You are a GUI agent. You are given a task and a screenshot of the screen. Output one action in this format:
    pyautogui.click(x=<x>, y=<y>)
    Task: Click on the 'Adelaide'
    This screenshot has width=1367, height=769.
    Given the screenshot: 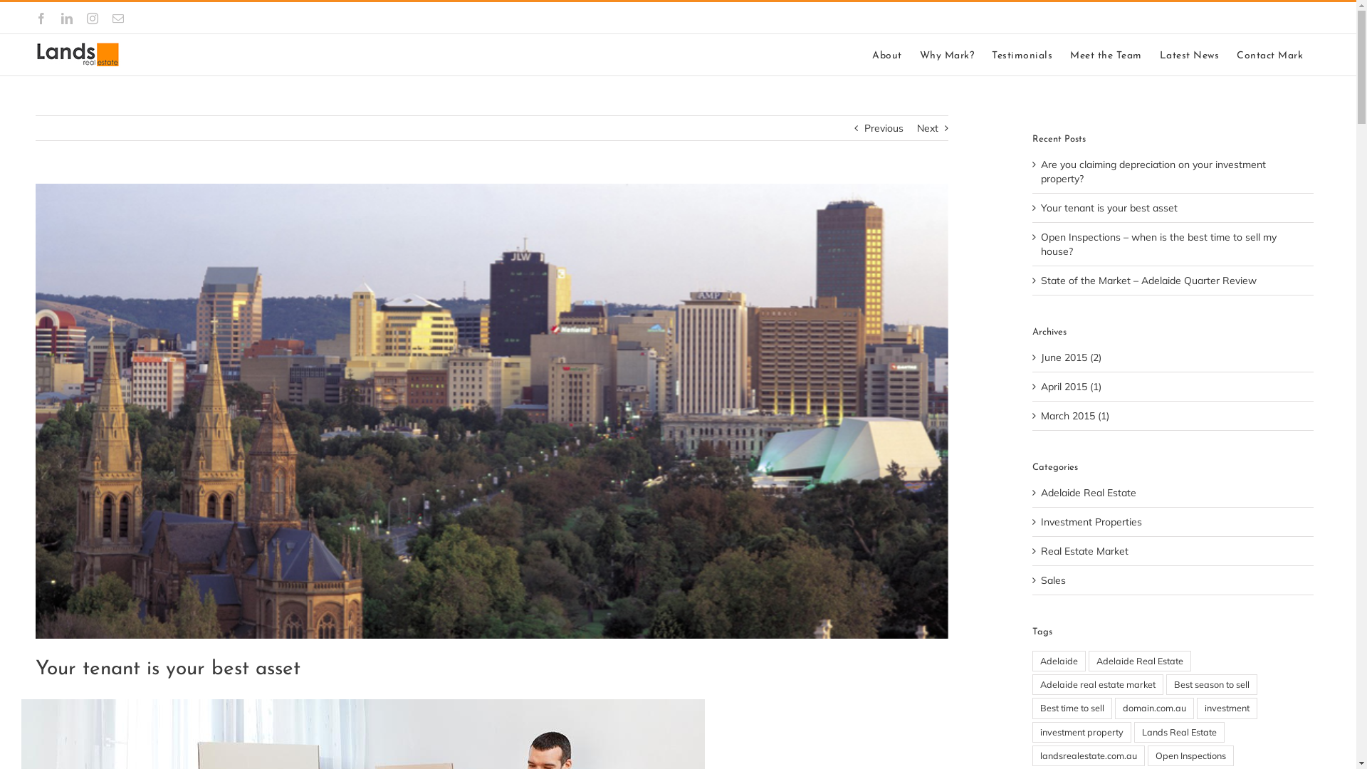 What is the action you would take?
    pyautogui.click(x=1059, y=661)
    